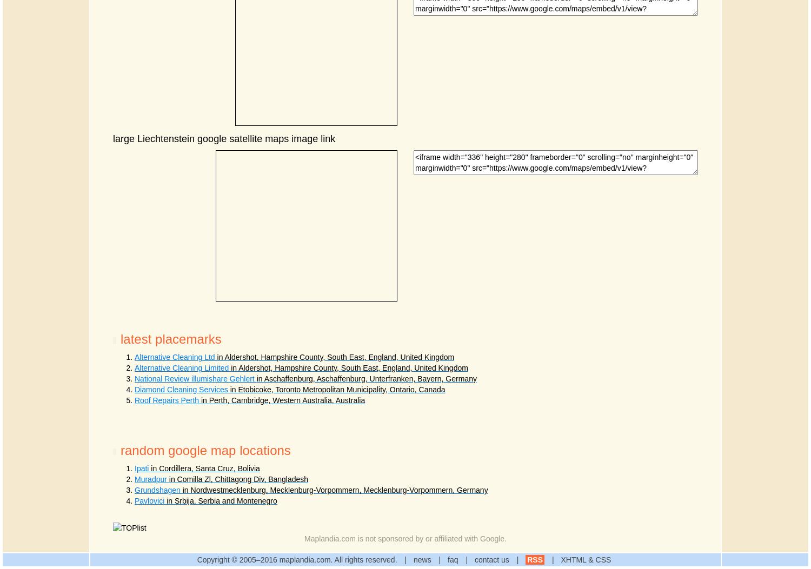  What do you see at coordinates (534, 559) in the screenshot?
I see `'RSS'` at bounding box center [534, 559].